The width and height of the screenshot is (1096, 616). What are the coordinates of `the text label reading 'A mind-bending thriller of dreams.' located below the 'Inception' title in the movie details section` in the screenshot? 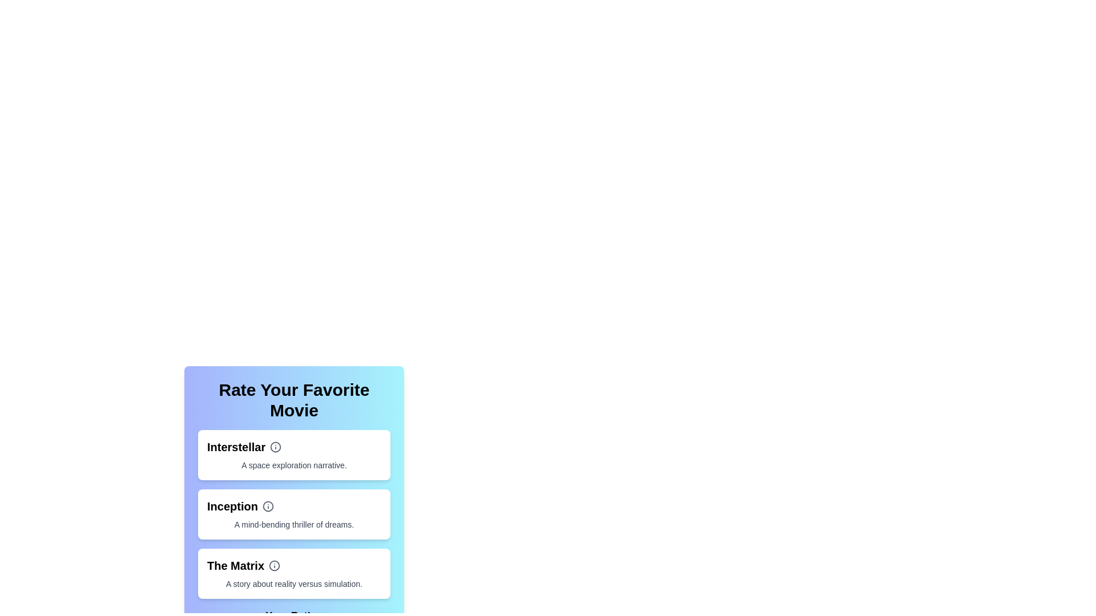 It's located at (294, 525).